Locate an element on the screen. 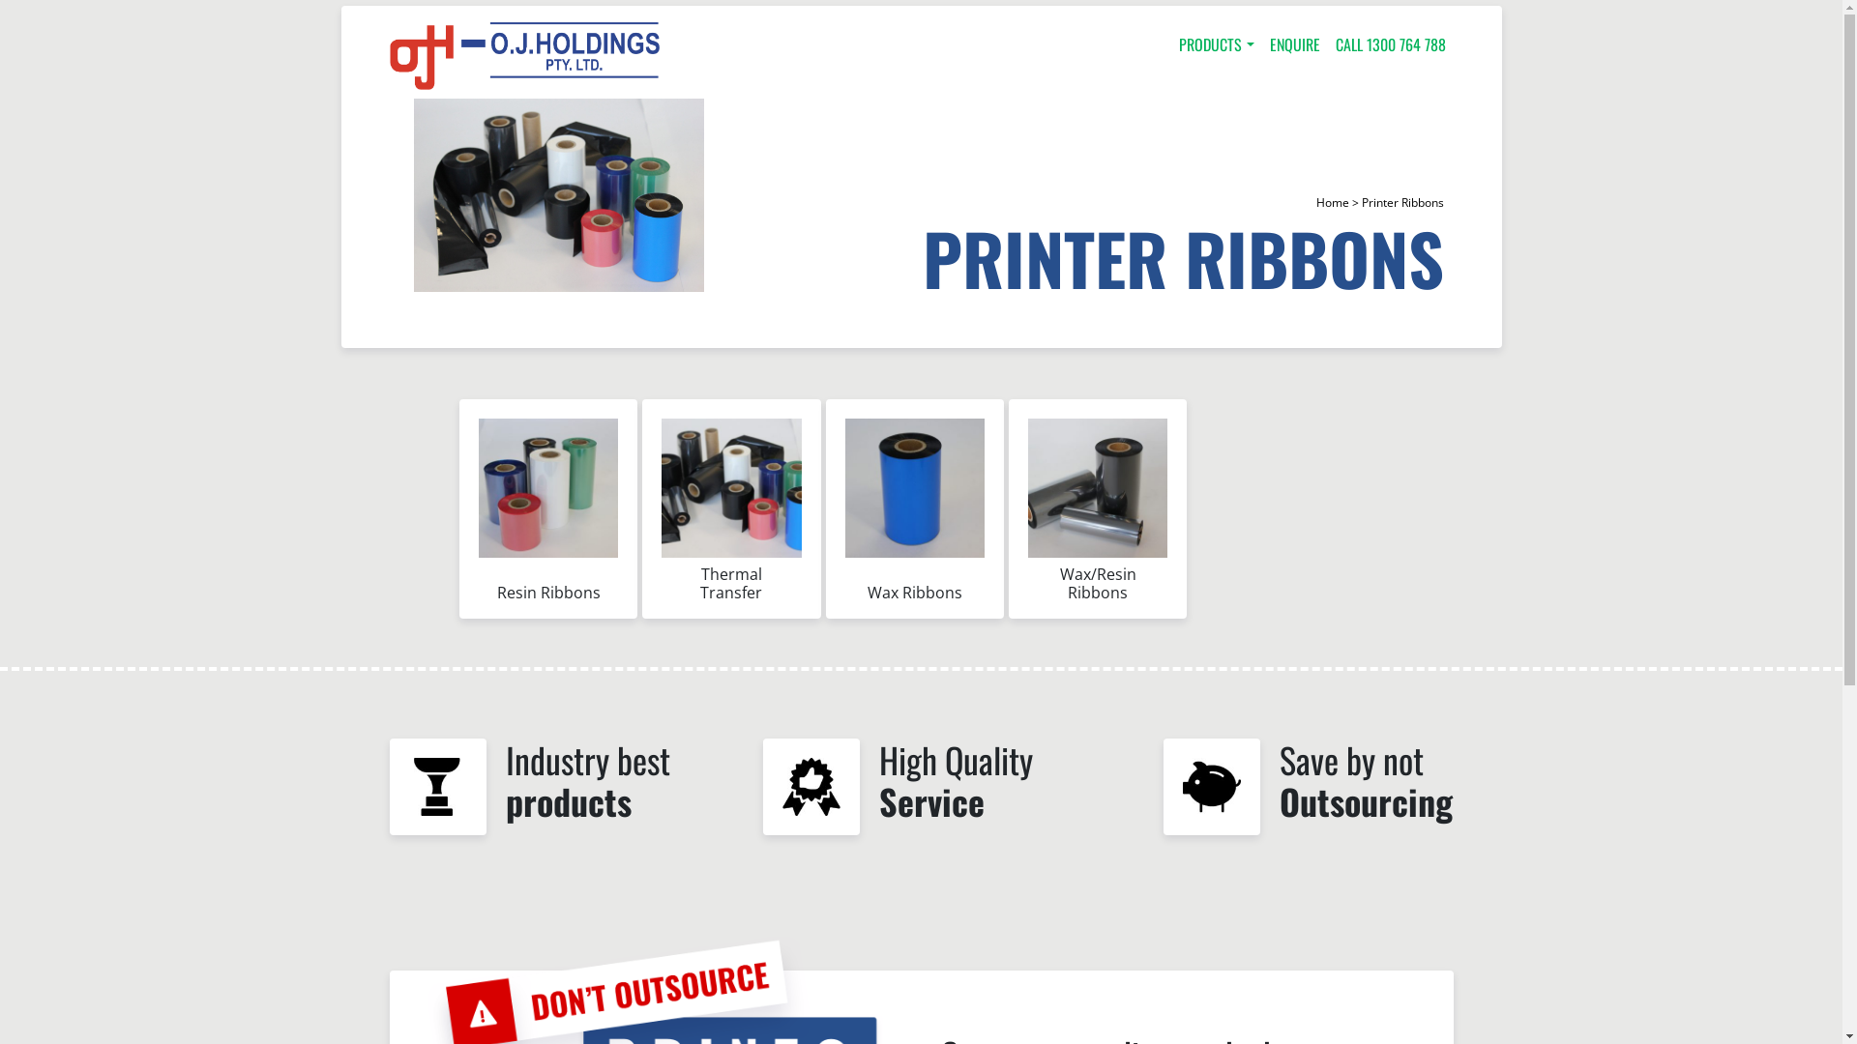 This screenshot has width=1857, height=1044. 'OJ HOLDINGS' is located at coordinates (524, 54).